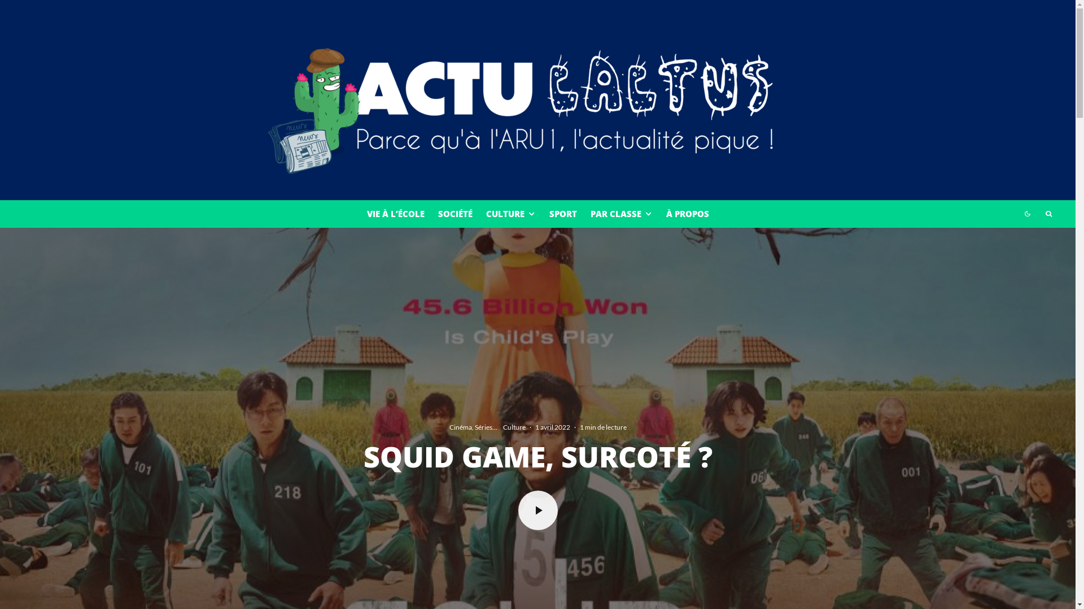 This screenshot has width=1084, height=609. What do you see at coordinates (513, 427) in the screenshot?
I see `'Culture'` at bounding box center [513, 427].